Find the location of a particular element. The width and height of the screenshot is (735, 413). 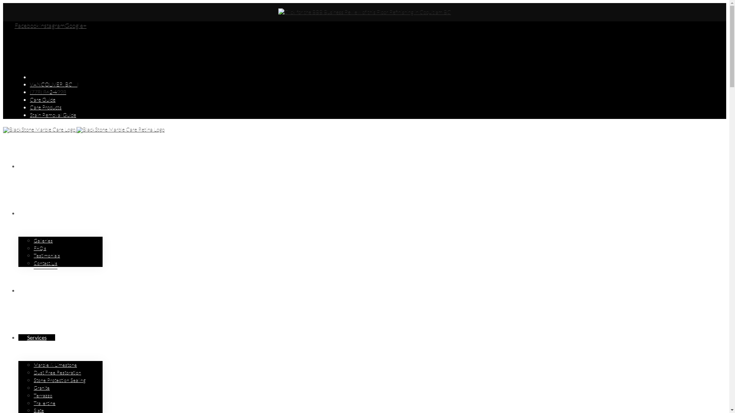

'Instagram' is located at coordinates (51, 25).